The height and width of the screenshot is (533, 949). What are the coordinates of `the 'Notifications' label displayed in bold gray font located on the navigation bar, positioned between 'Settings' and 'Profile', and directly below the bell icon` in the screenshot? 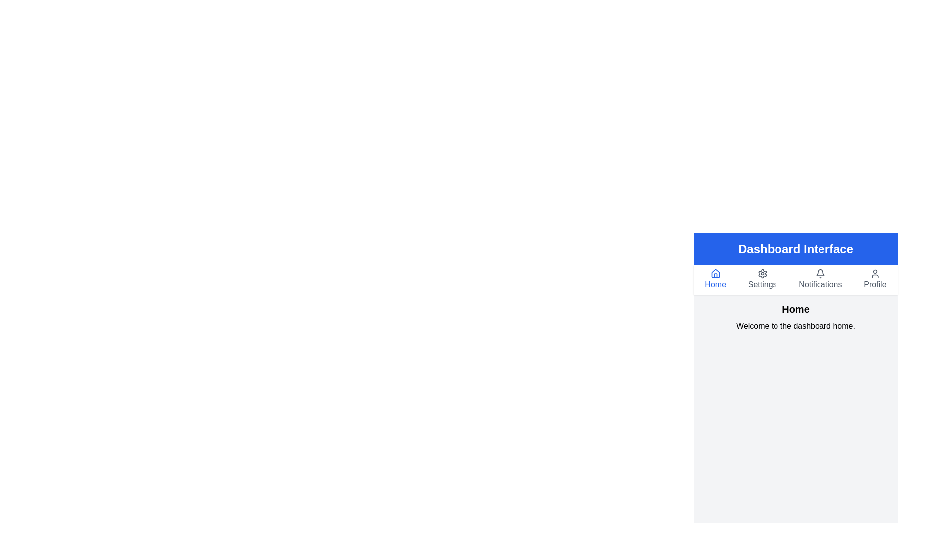 It's located at (820, 285).